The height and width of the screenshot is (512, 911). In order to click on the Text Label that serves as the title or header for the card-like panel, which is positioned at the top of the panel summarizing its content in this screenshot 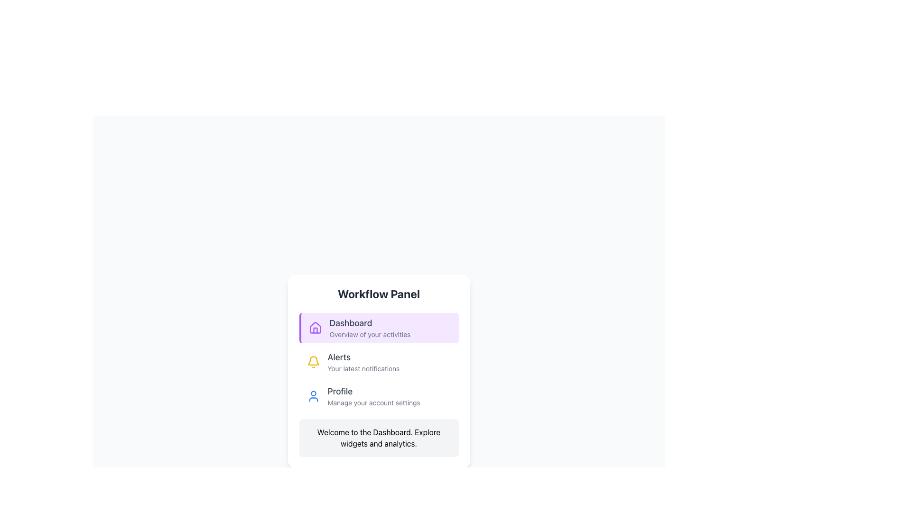, I will do `click(378, 293)`.